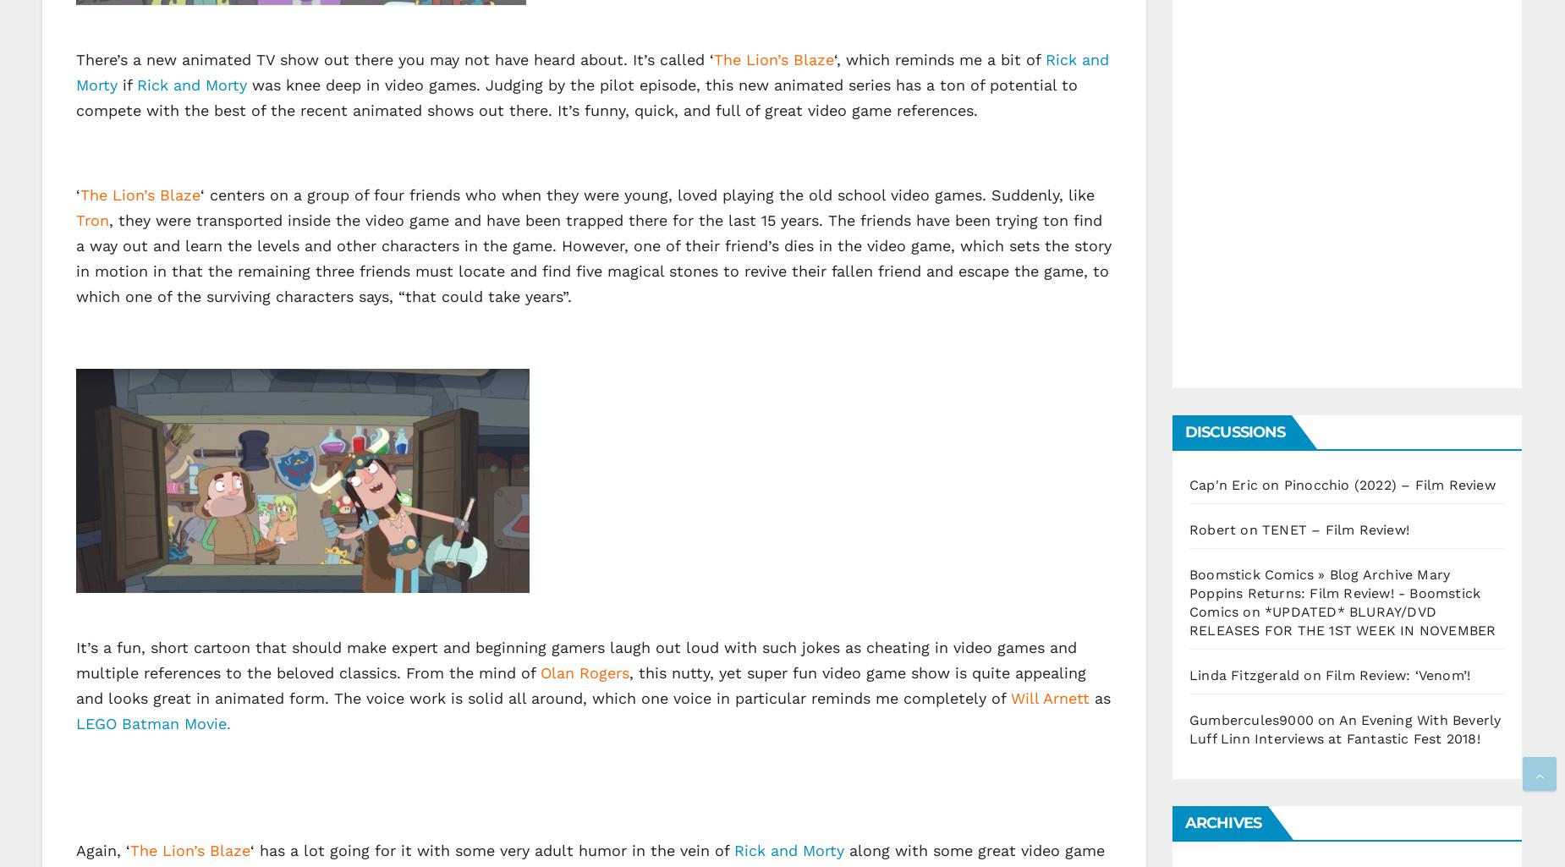  Describe the element at coordinates (74, 848) in the screenshot. I see `'Again, ‘'` at that location.